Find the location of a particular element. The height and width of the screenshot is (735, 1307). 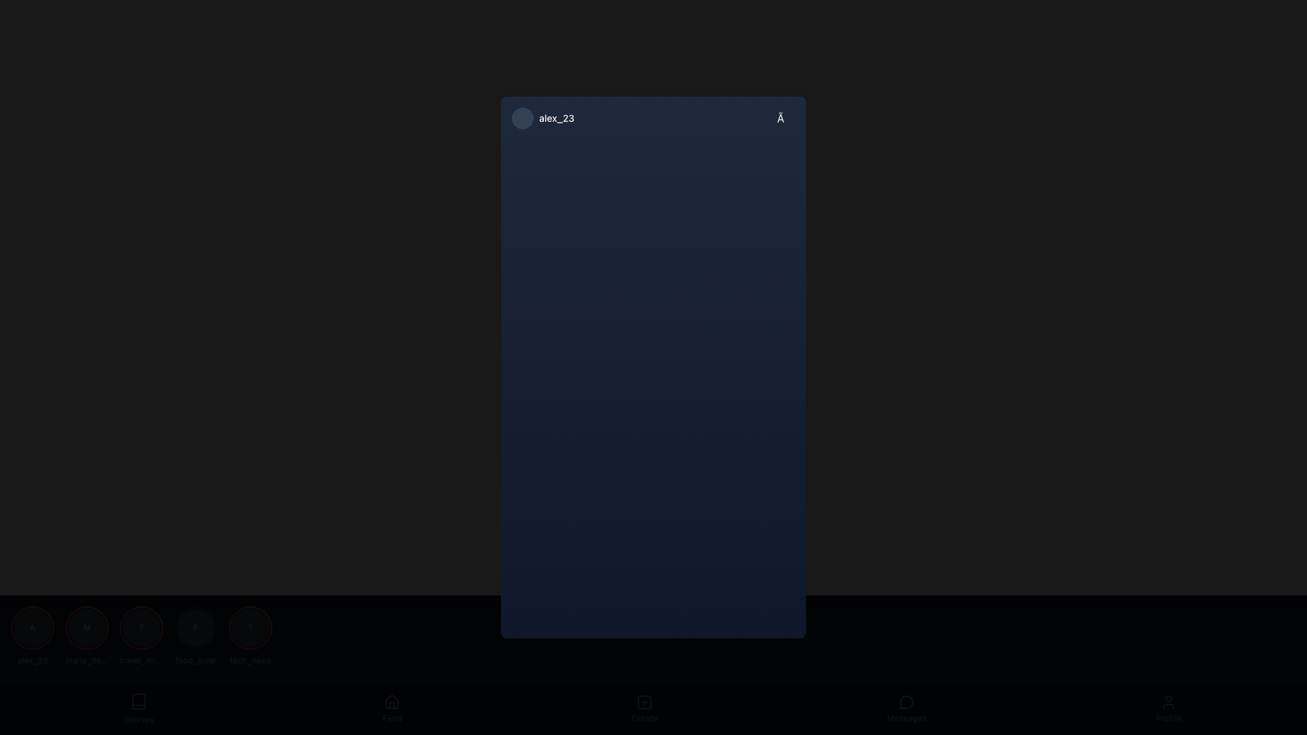

the Messages navigation button located in the bottom horizontal menu to trigger hover effects is located at coordinates (907, 708).